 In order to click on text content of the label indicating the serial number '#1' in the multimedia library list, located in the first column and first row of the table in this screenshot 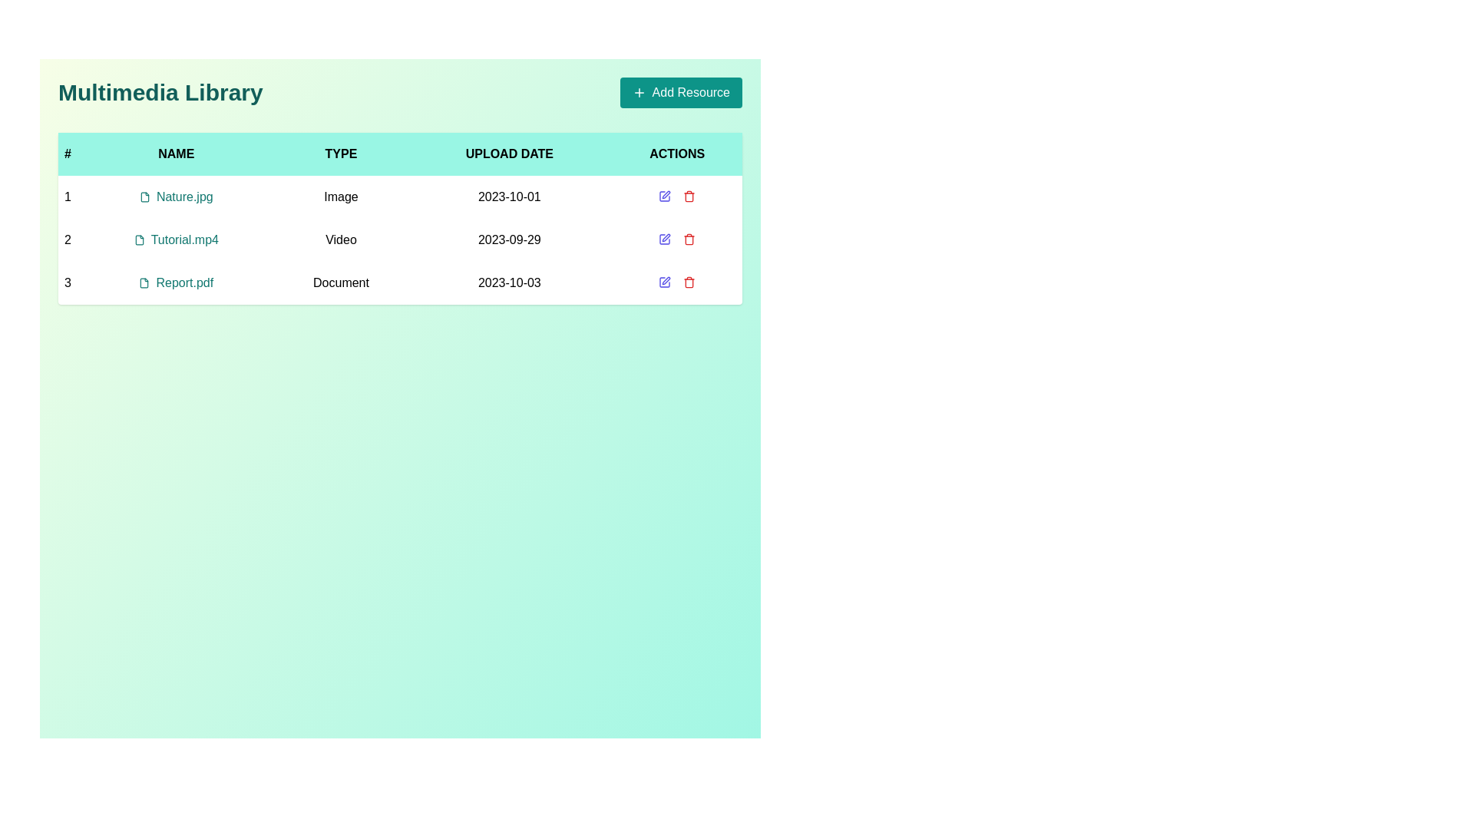, I will do `click(67, 197)`.